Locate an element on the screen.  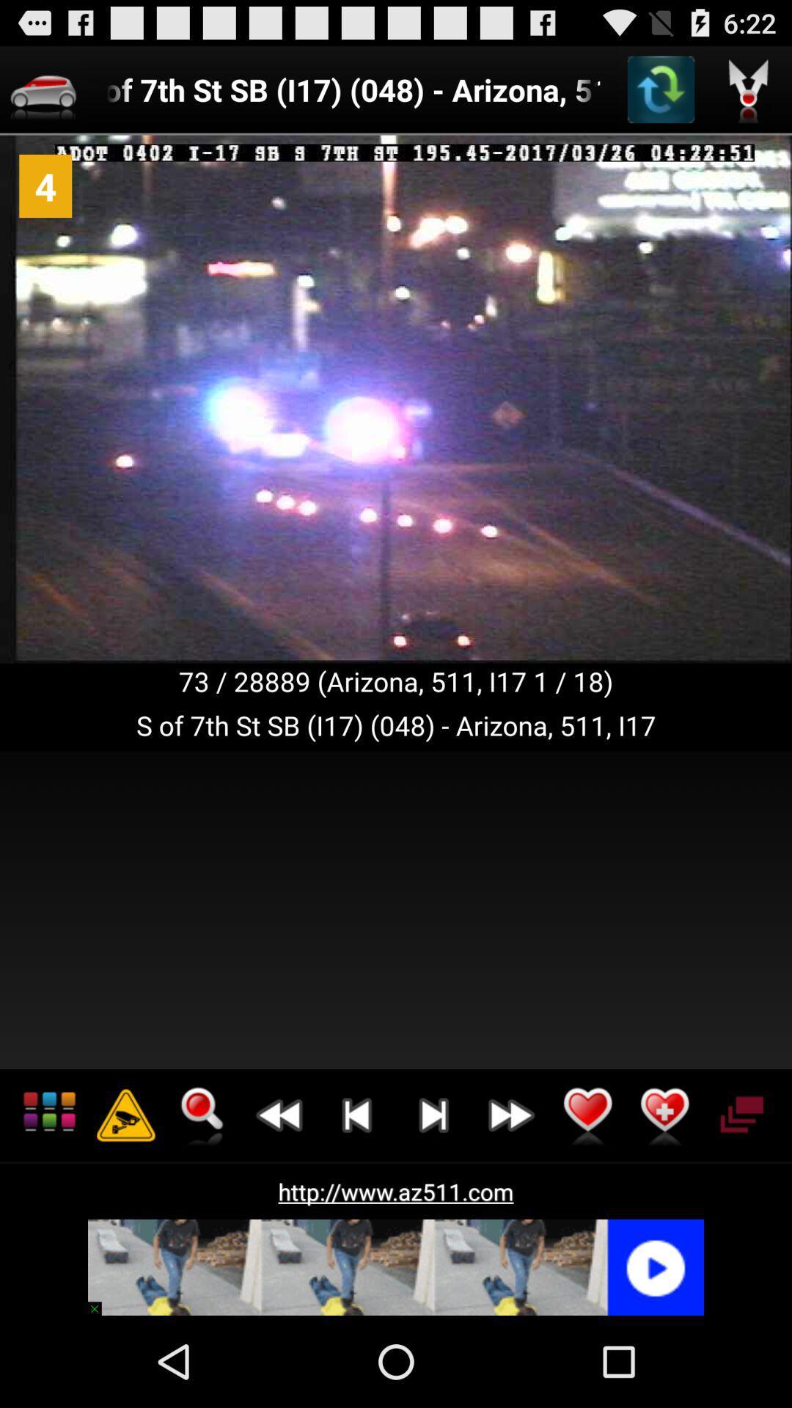
the favorite icon is located at coordinates (664, 1193).